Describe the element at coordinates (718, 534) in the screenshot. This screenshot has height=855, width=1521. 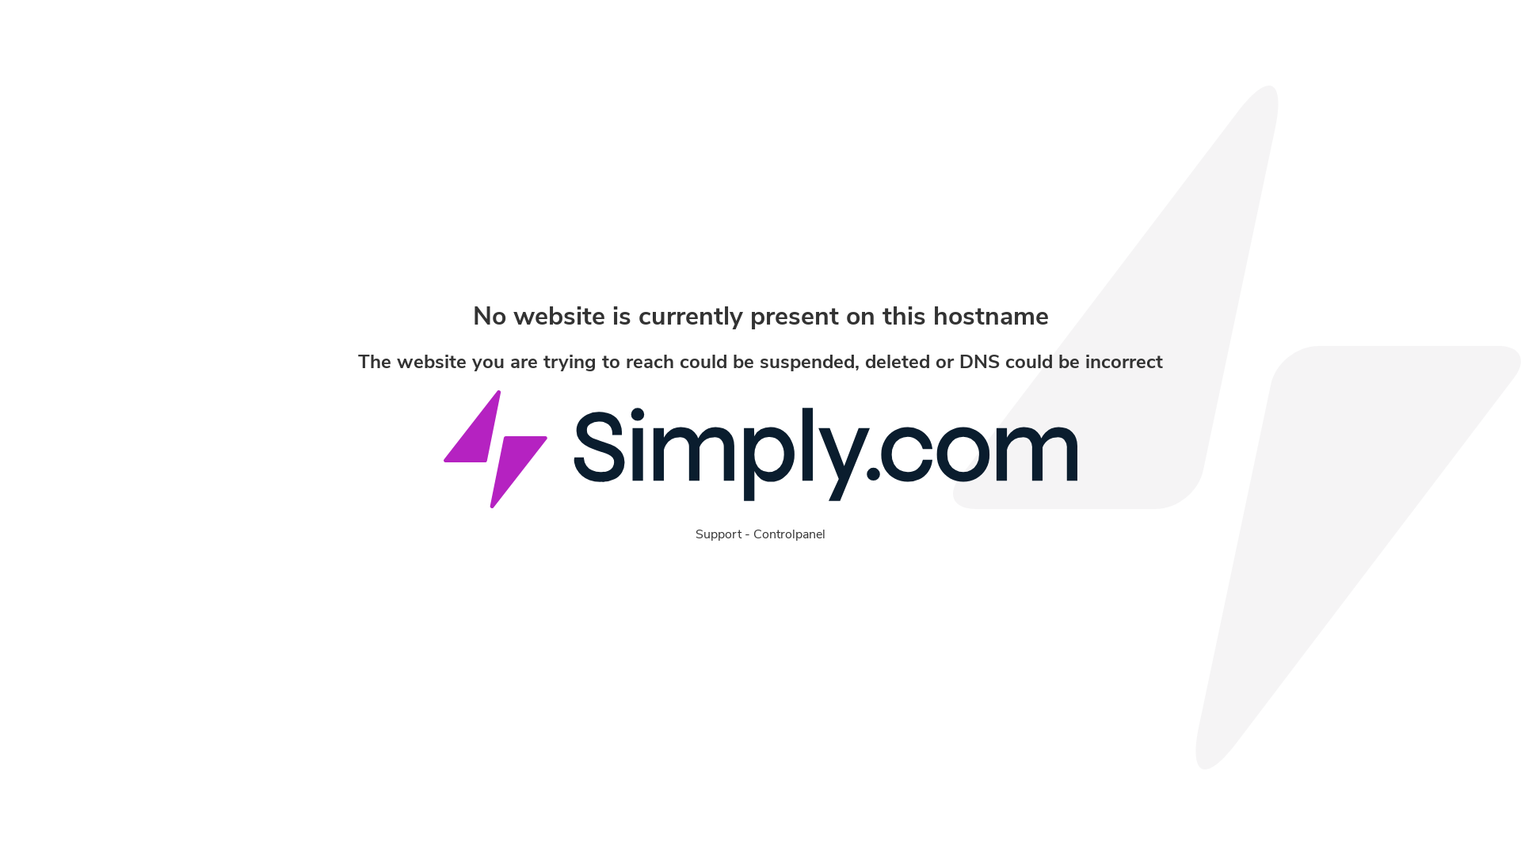
I see `'Support'` at that location.